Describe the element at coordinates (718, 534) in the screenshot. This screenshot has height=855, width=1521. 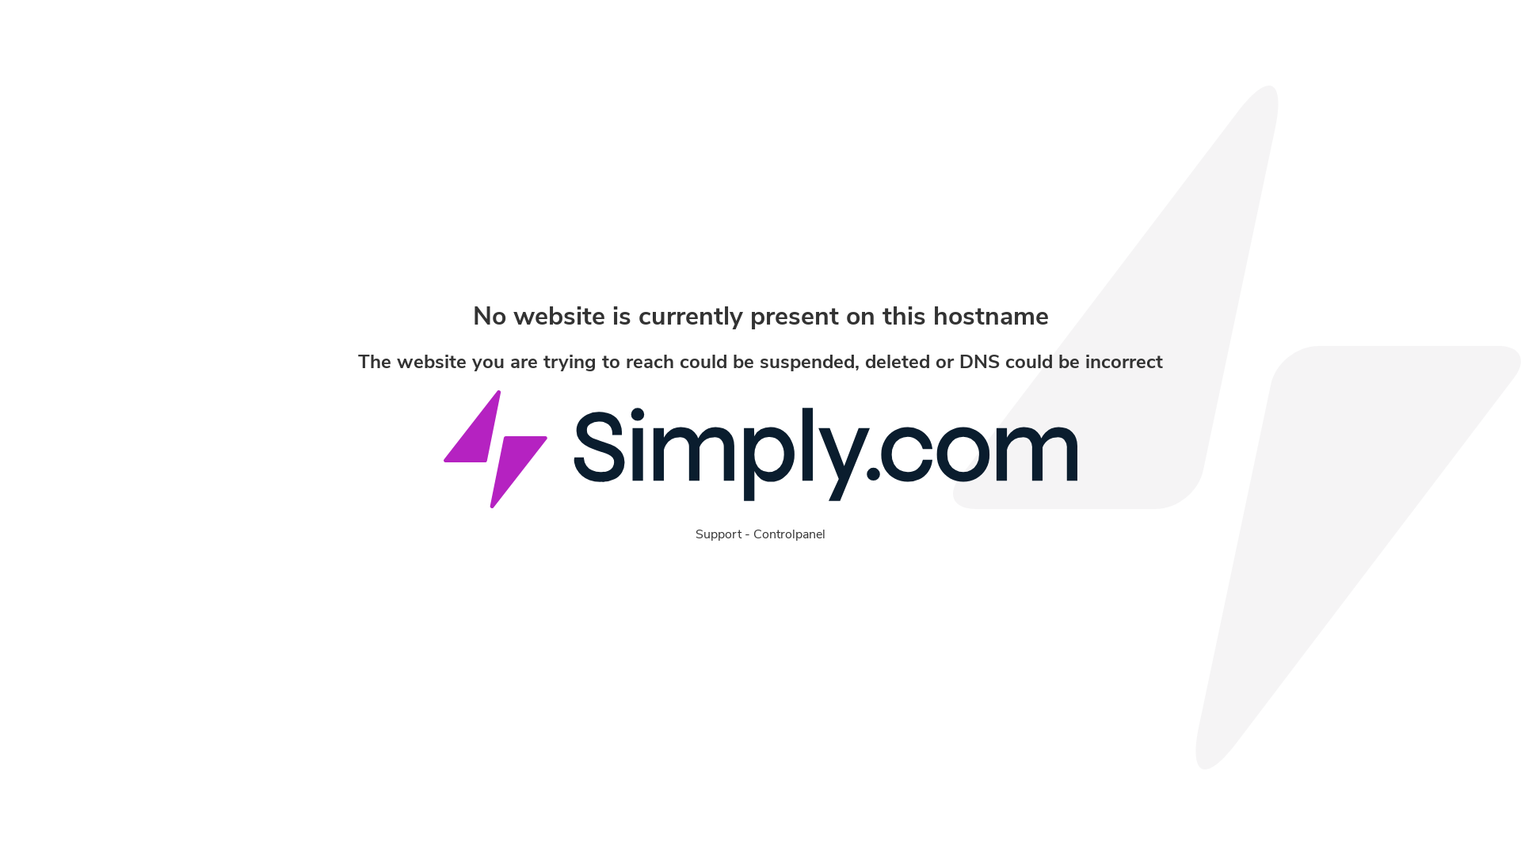
I see `'Support'` at that location.